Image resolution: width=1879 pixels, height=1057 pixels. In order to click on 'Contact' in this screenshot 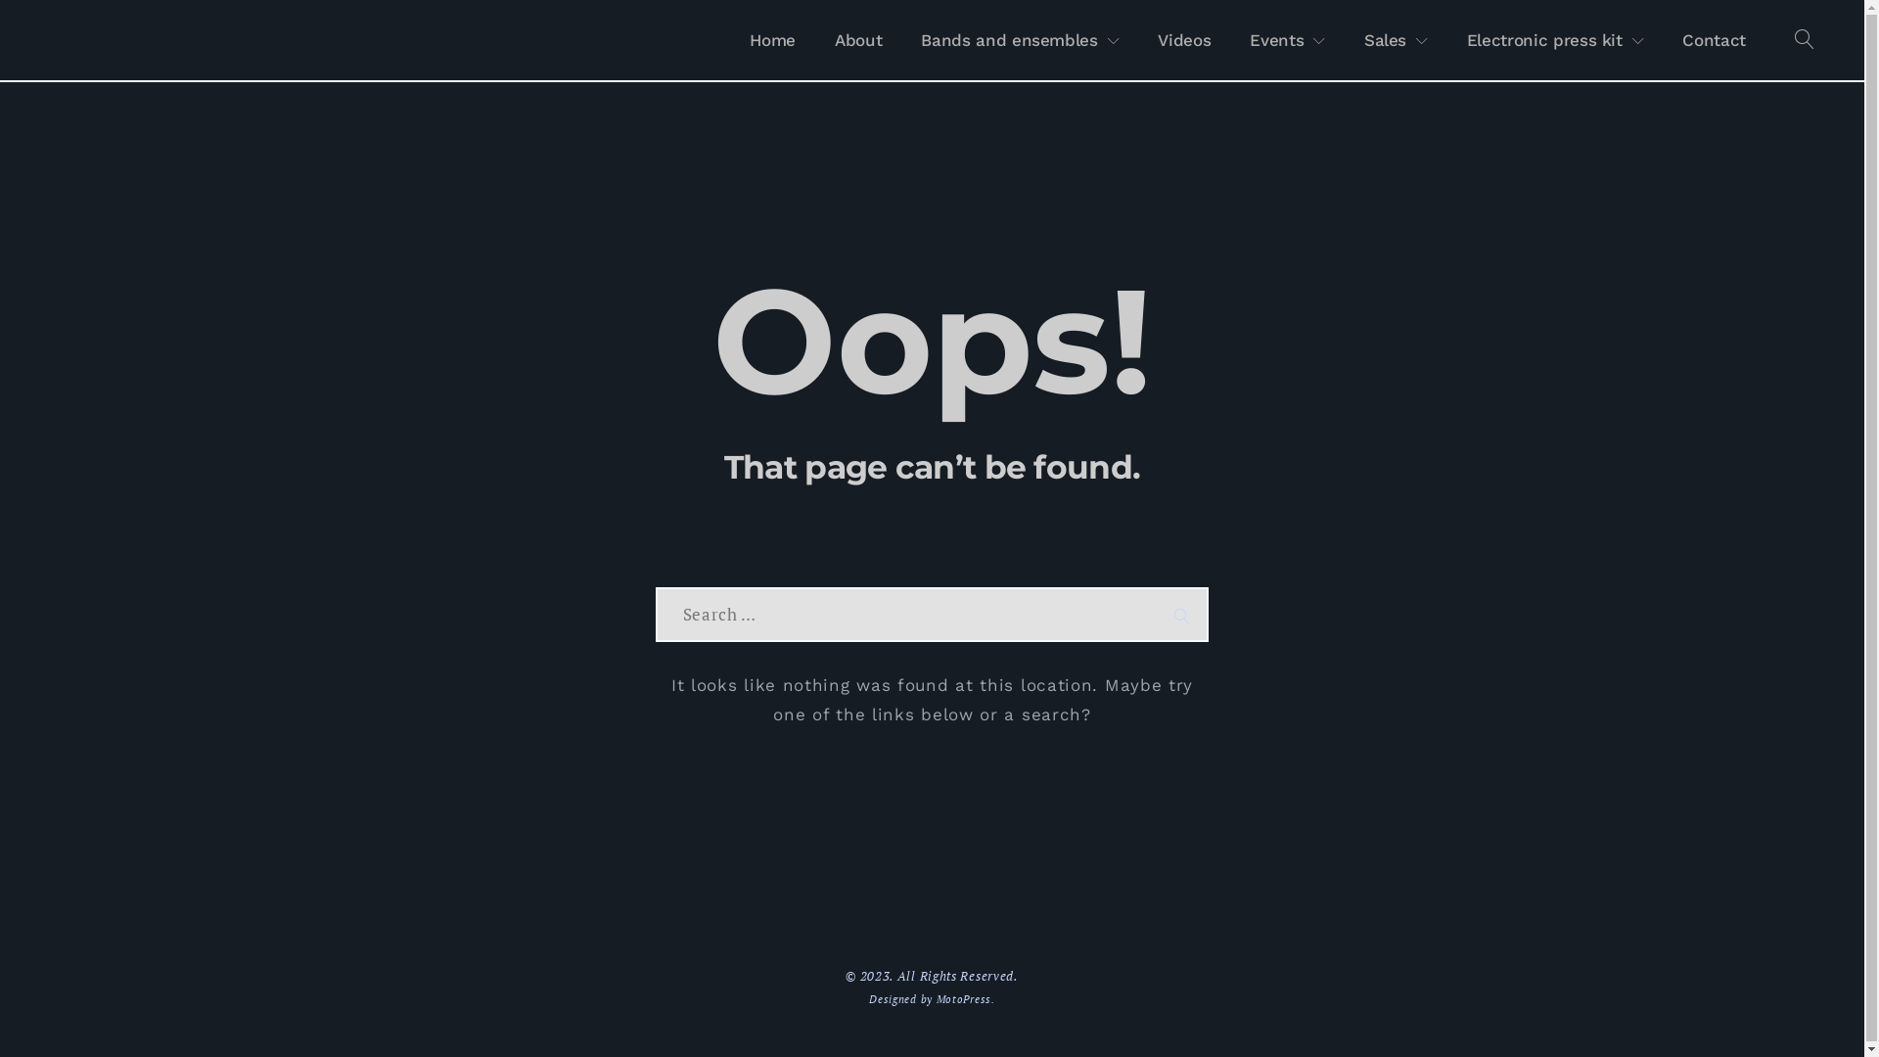, I will do `click(1713, 40)`.